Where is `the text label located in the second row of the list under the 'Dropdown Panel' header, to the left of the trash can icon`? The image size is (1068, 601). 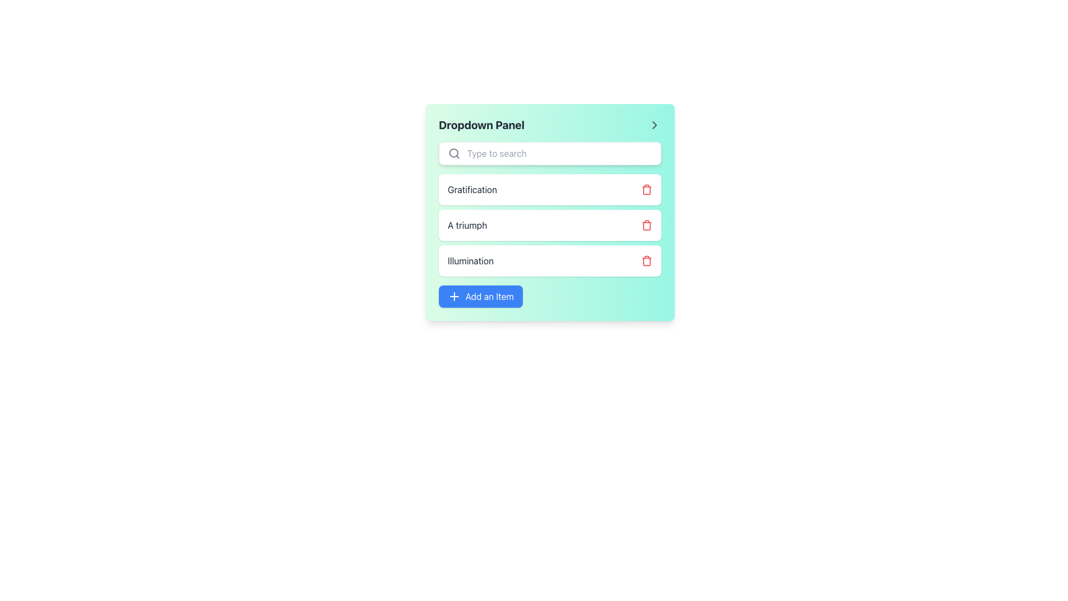 the text label located in the second row of the list under the 'Dropdown Panel' header, to the left of the trash can icon is located at coordinates (472, 189).